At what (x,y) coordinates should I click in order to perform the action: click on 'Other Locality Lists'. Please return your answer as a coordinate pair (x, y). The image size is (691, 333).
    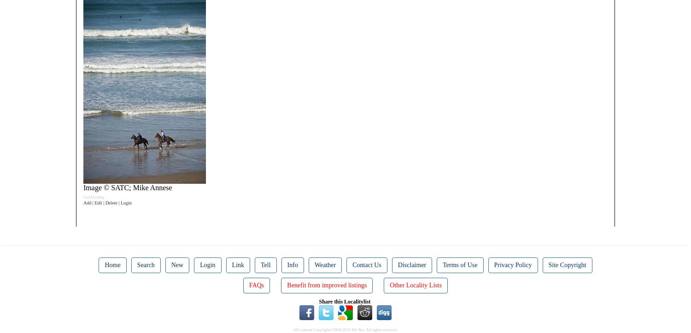
    Looking at the image, I should click on (416, 285).